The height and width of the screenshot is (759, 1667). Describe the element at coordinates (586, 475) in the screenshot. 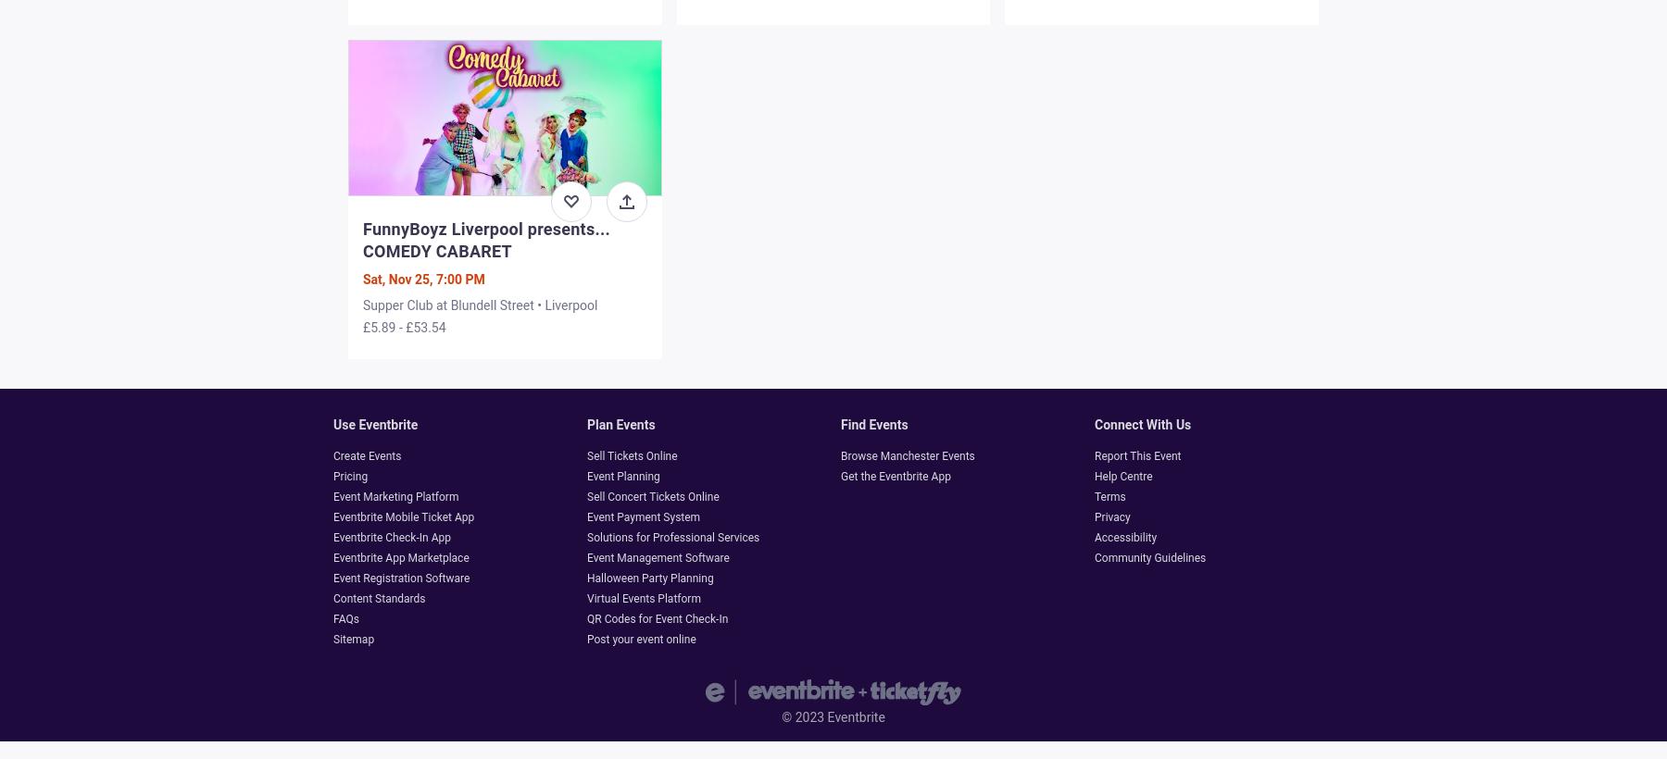

I see `'Event Planning'` at that location.